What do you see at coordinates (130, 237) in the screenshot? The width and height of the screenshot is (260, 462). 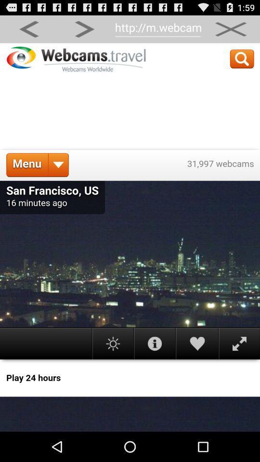 I see `open page` at bounding box center [130, 237].